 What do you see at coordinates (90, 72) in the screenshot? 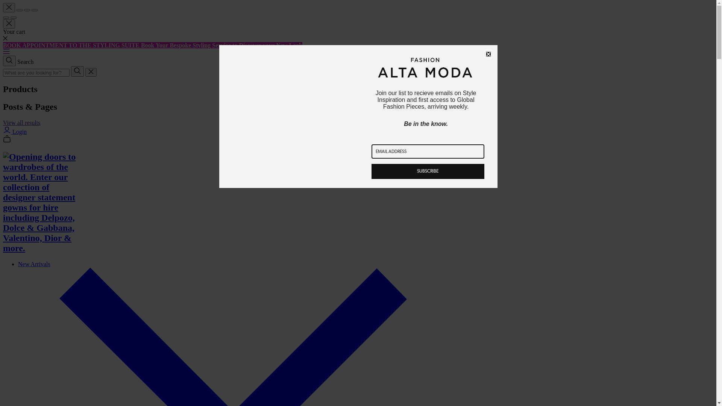
I see `'Close Icon'` at bounding box center [90, 72].